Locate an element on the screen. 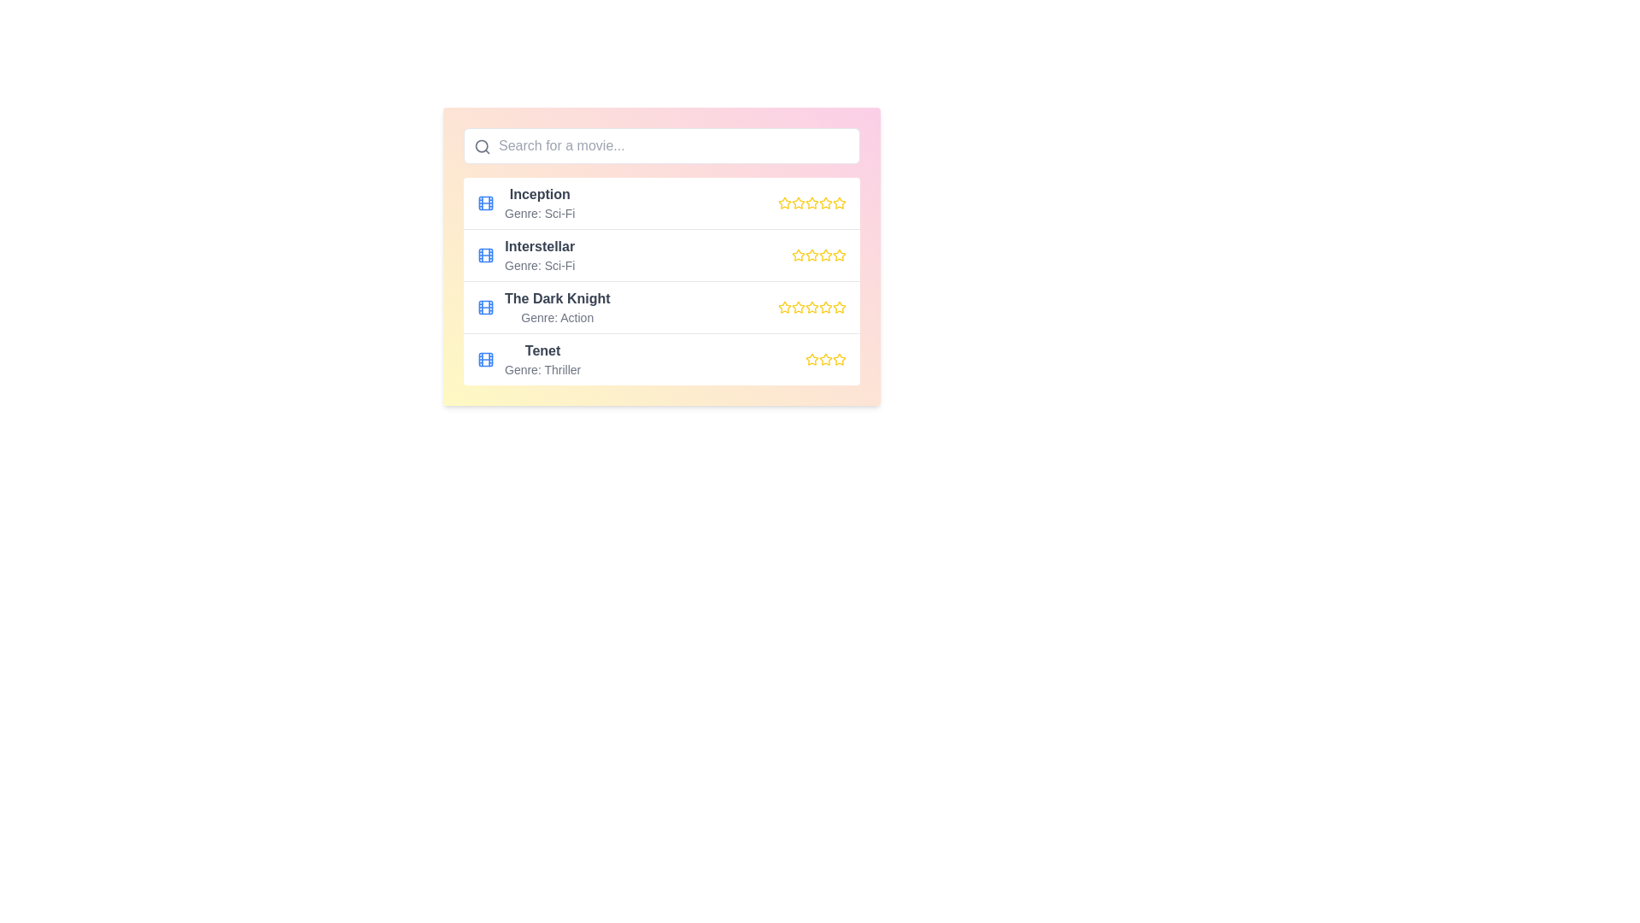  the third star in the rating sequence for 'The Dark Knight' is located at coordinates (811, 306).